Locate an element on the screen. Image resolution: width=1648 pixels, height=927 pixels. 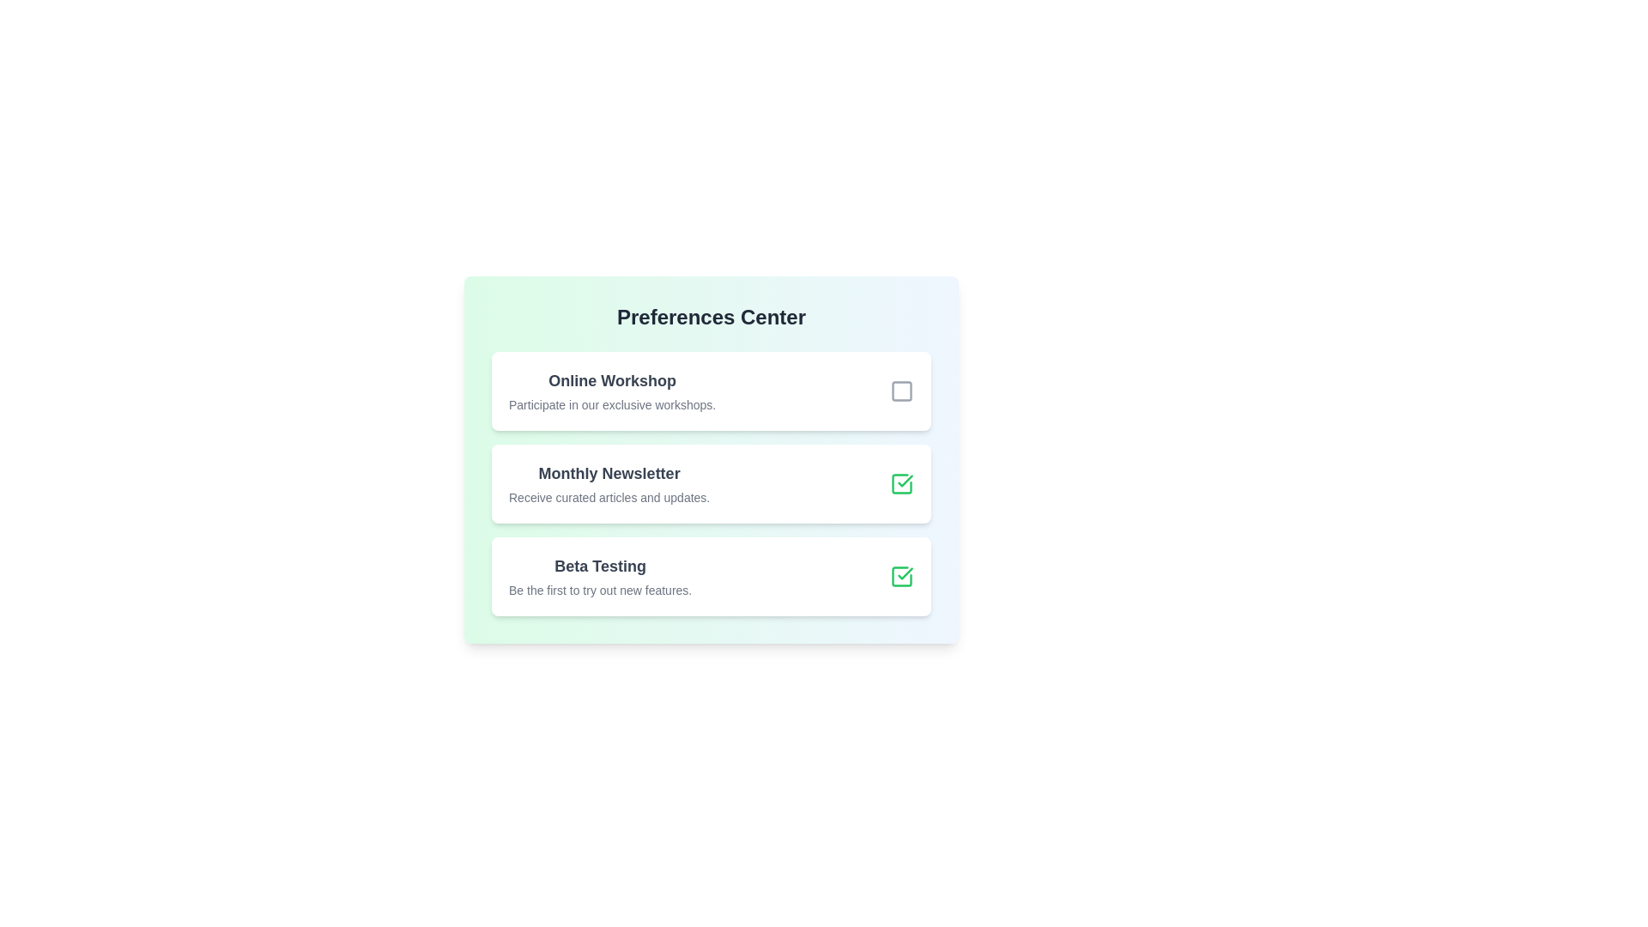
the unfilled square checkbox located to the right of the 'Online Workshop' label in the first row of the 'Preferences Center' section is located at coordinates (901, 391).